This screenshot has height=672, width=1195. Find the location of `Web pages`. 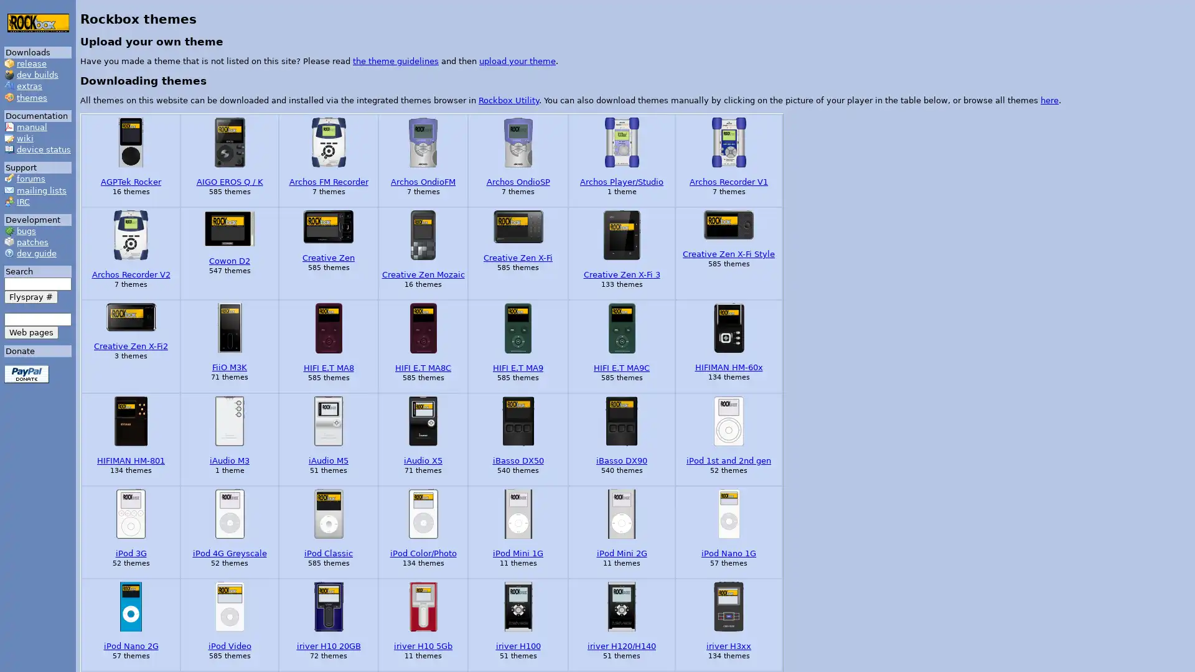

Web pages is located at coordinates (31, 332).